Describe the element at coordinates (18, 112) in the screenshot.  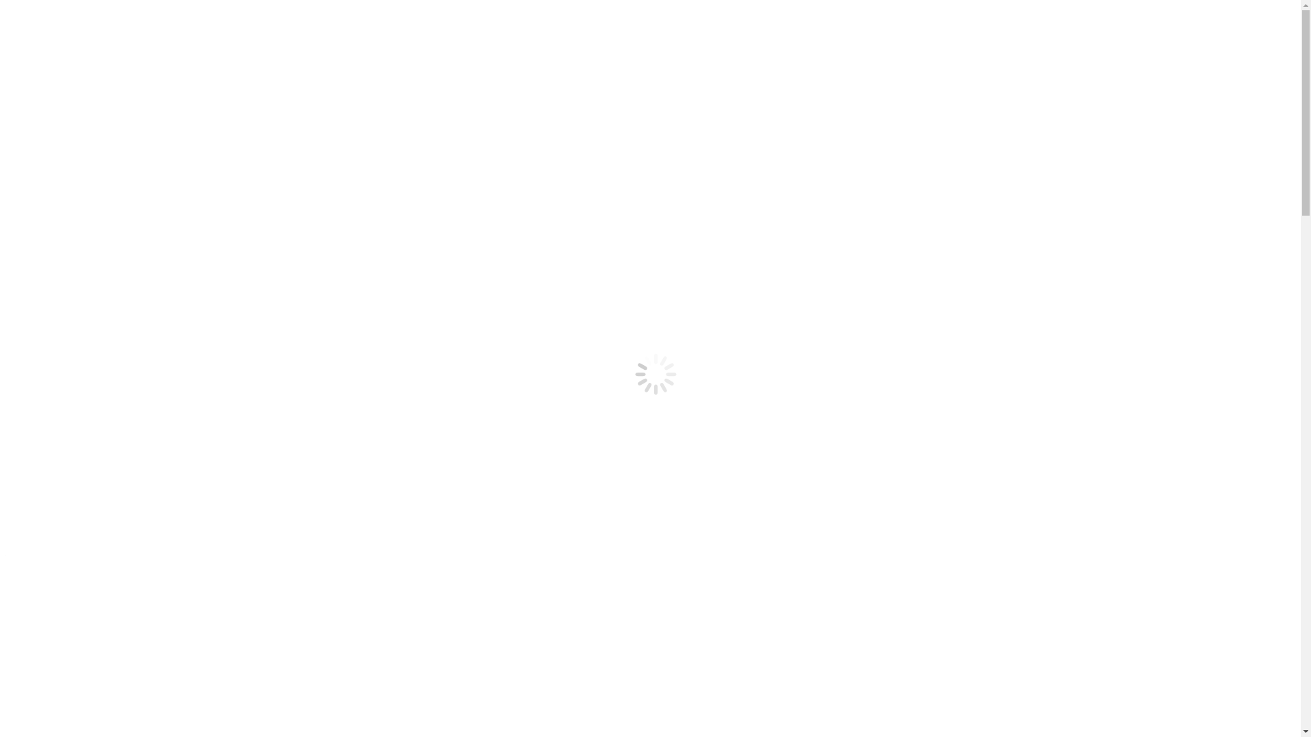
I see `'Go!'` at that location.